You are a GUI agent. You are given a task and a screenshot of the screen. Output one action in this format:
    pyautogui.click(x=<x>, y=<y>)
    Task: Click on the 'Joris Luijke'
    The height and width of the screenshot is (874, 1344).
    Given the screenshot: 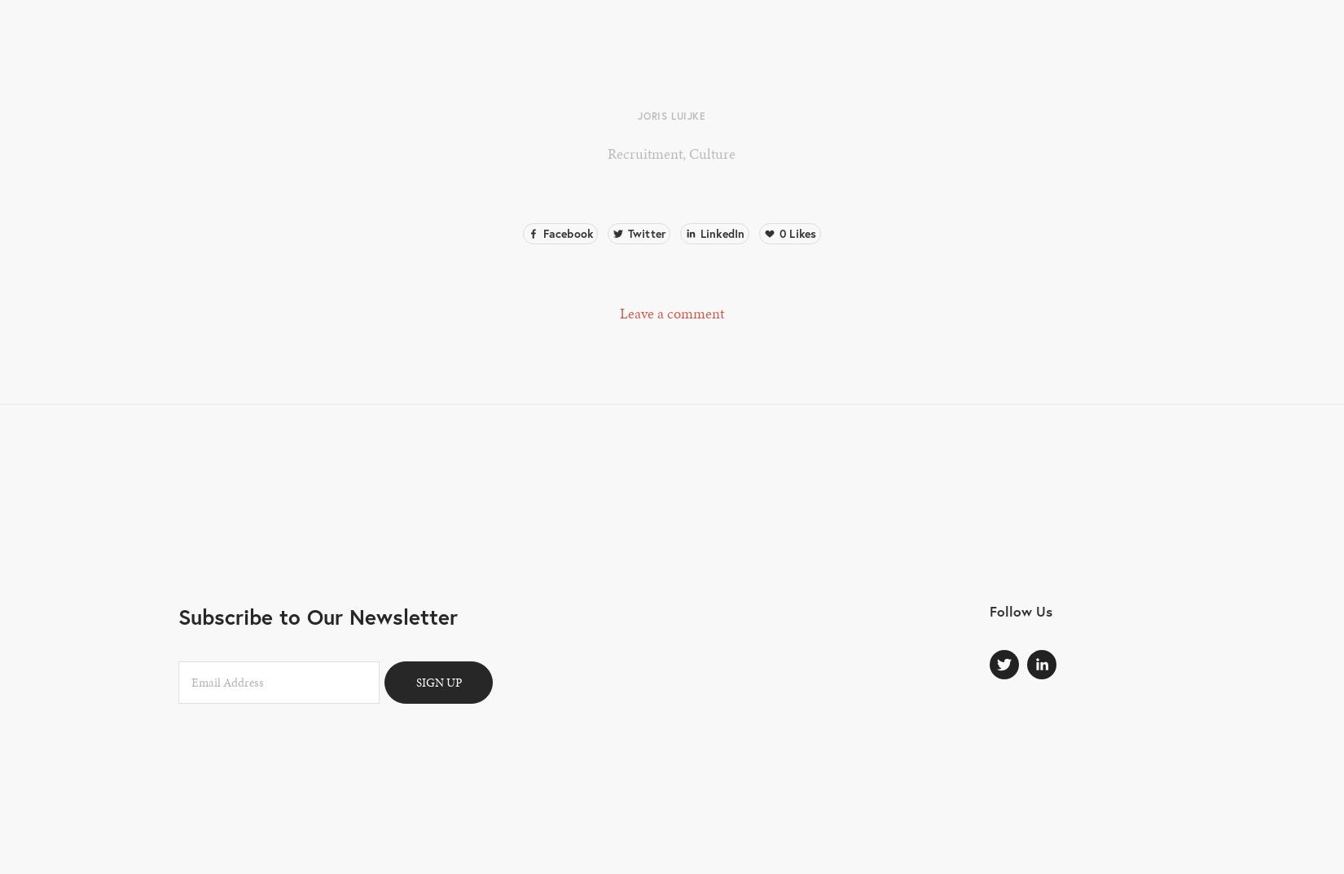 What is the action you would take?
    pyautogui.click(x=670, y=115)
    